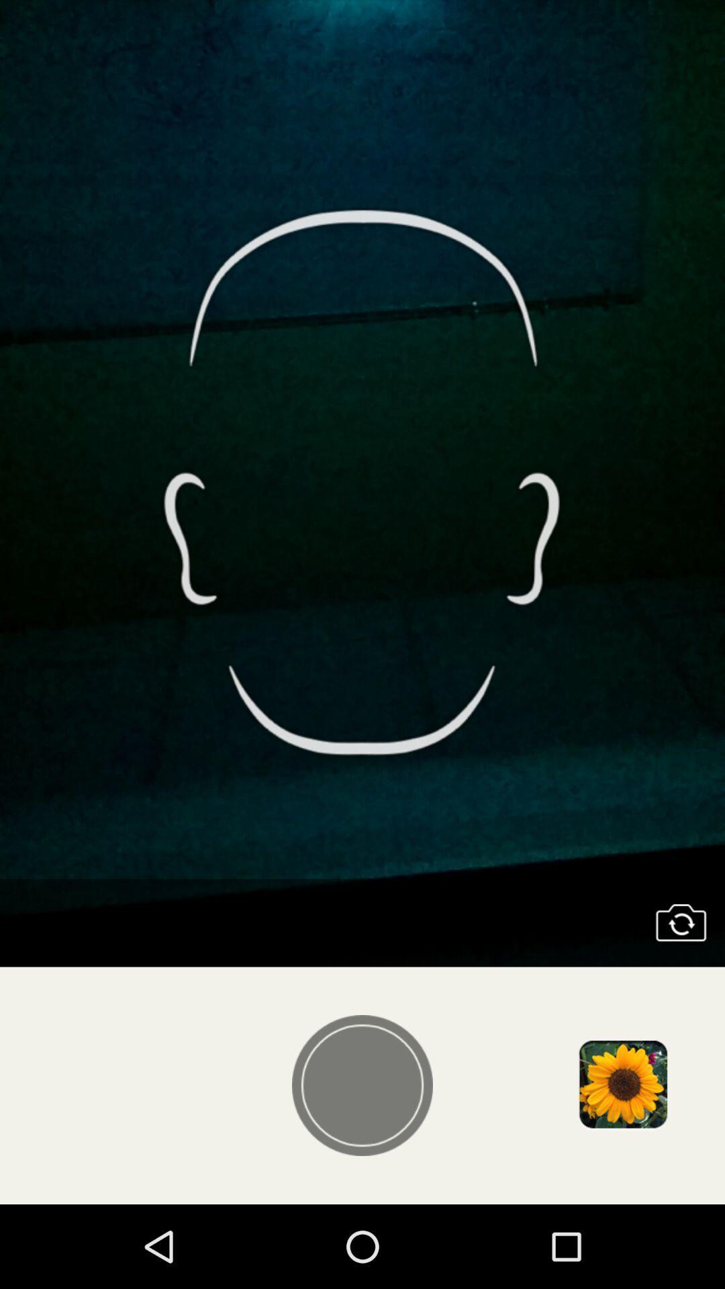  I want to click on take picture, so click(362, 1086).